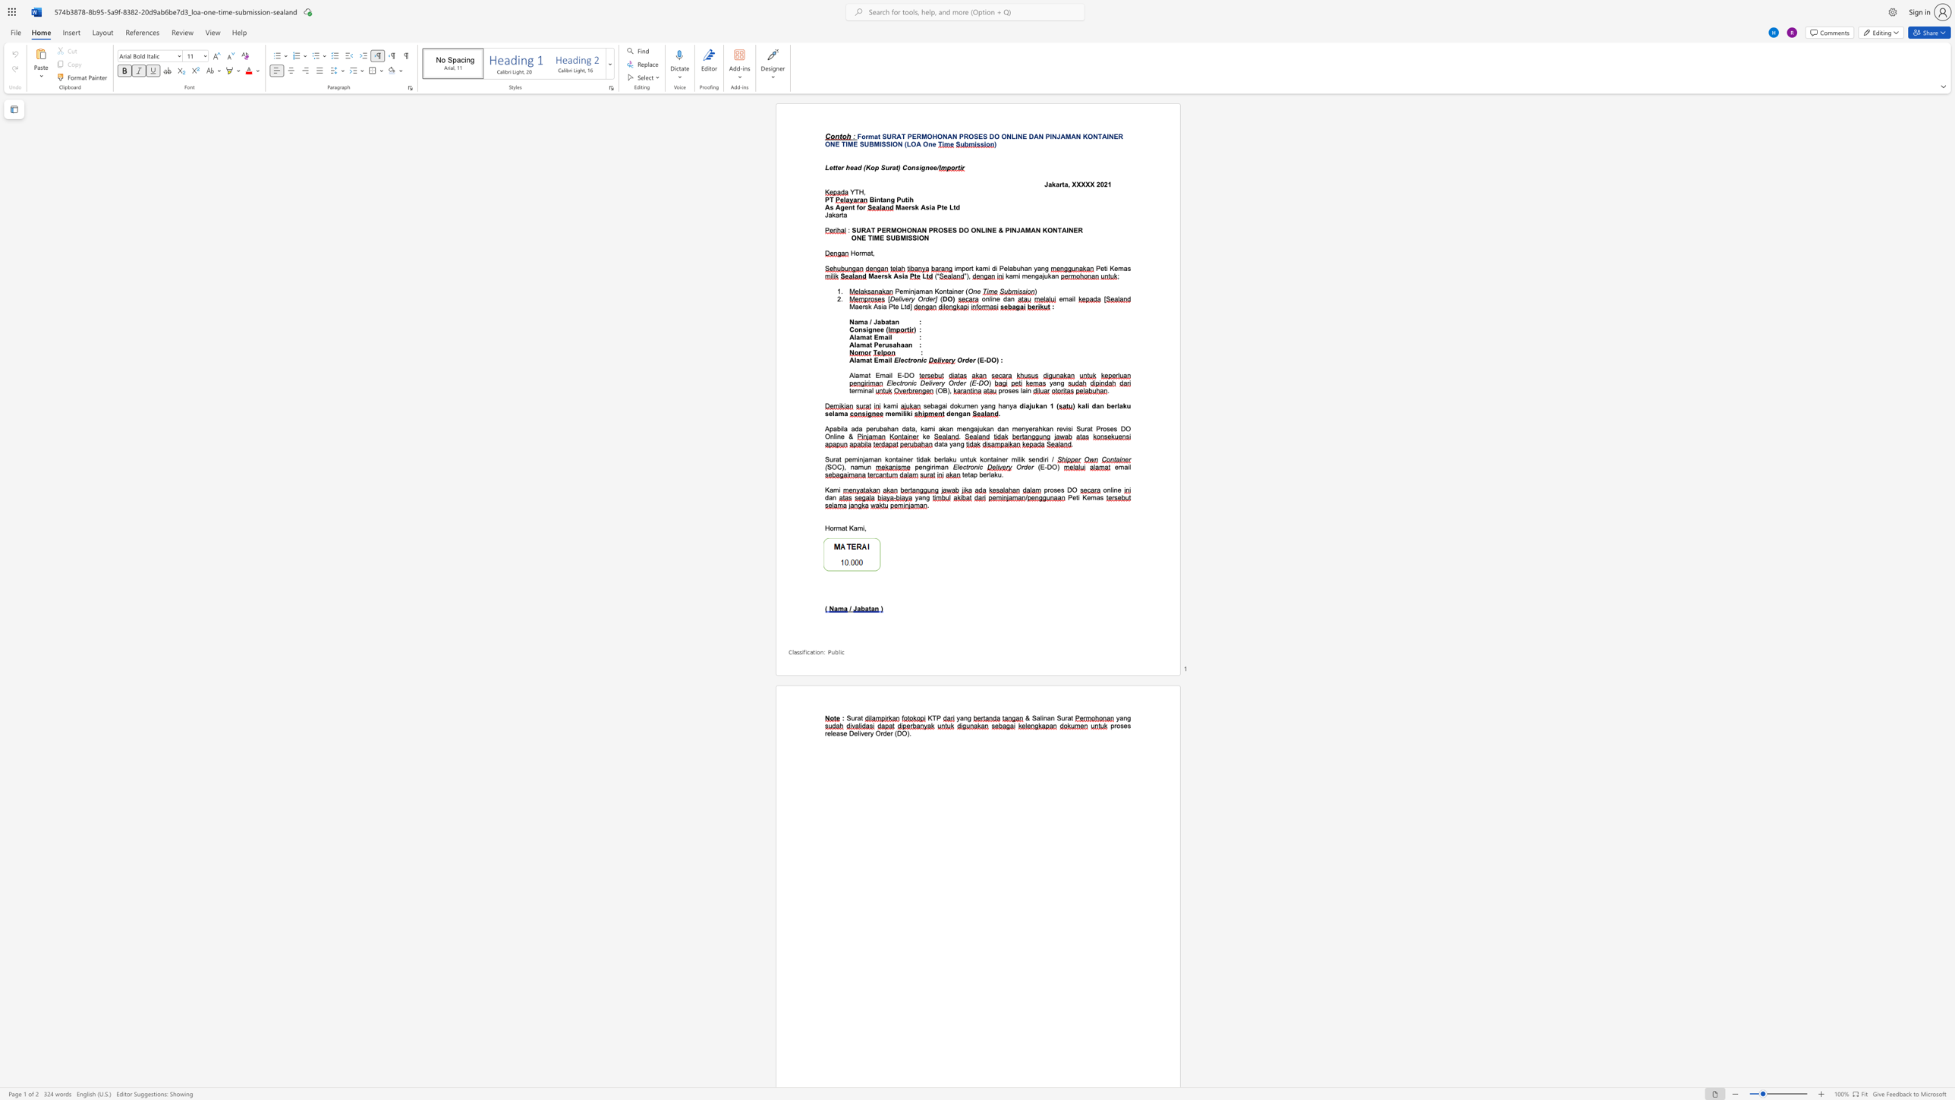 This screenshot has height=1100, width=1955. I want to click on the subset text "atan" within the text "Nama / Jabatan", so click(884, 321).